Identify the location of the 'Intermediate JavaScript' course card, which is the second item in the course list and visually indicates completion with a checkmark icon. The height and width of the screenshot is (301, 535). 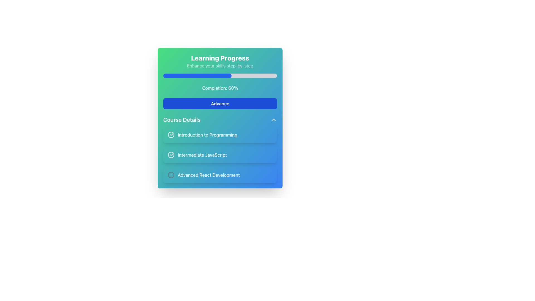
(220, 155).